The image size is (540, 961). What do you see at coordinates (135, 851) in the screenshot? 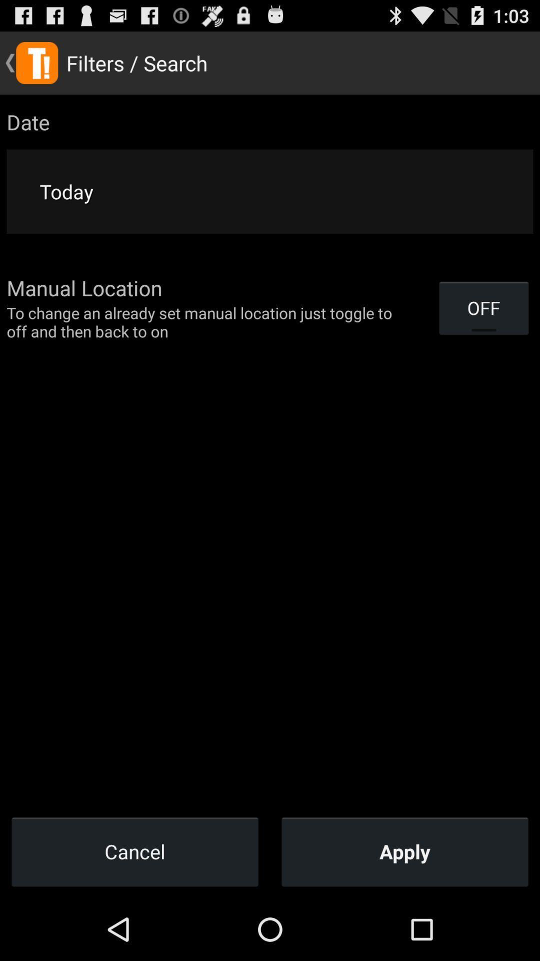
I see `item next to apply item` at bounding box center [135, 851].